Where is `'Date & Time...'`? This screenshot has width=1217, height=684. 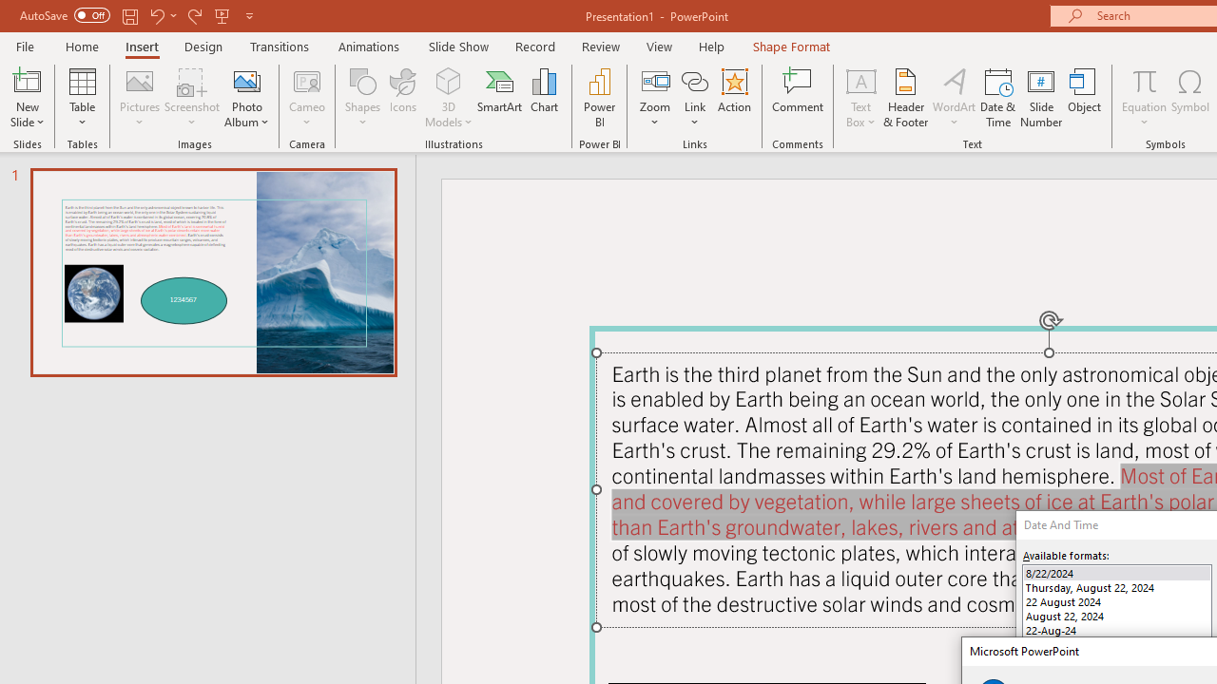 'Date & Time...' is located at coordinates (997, 98).